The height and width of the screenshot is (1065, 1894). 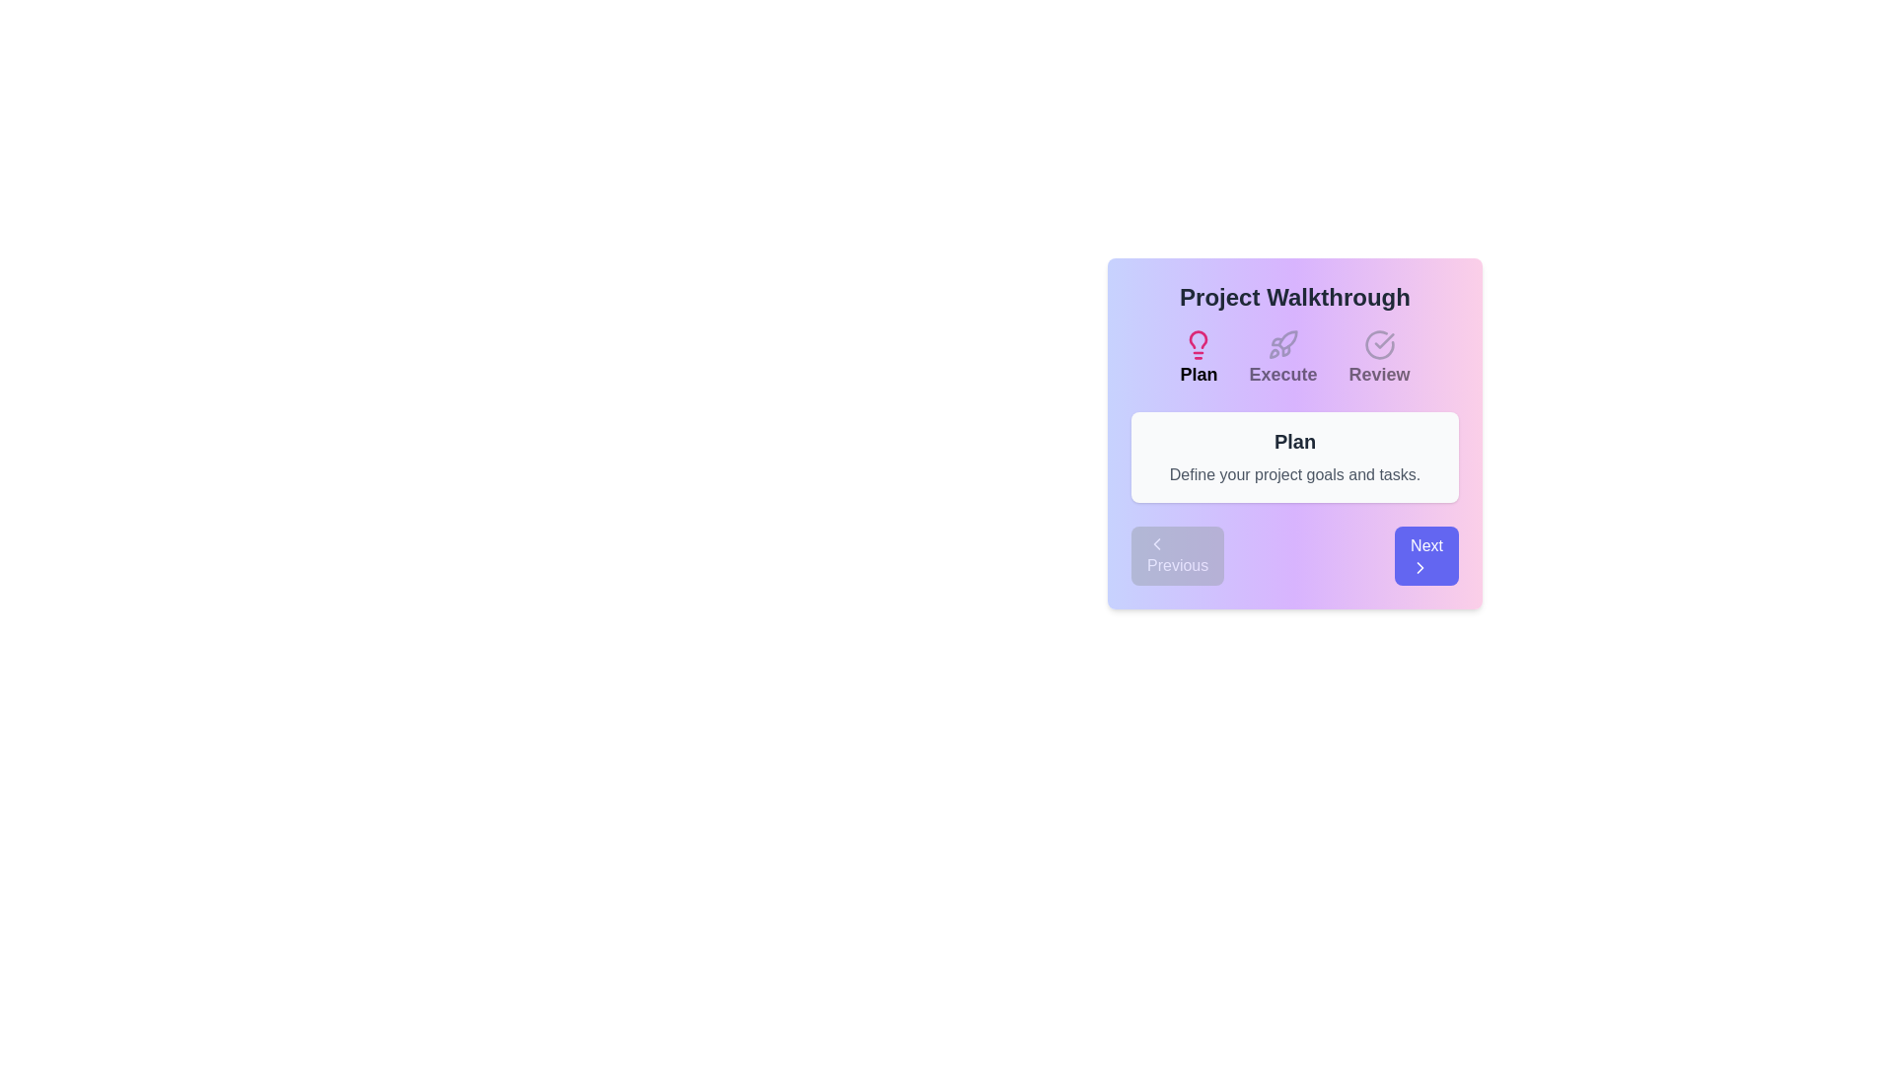 I want to click on the icon of the step Review, so click(x=1378, y=344).